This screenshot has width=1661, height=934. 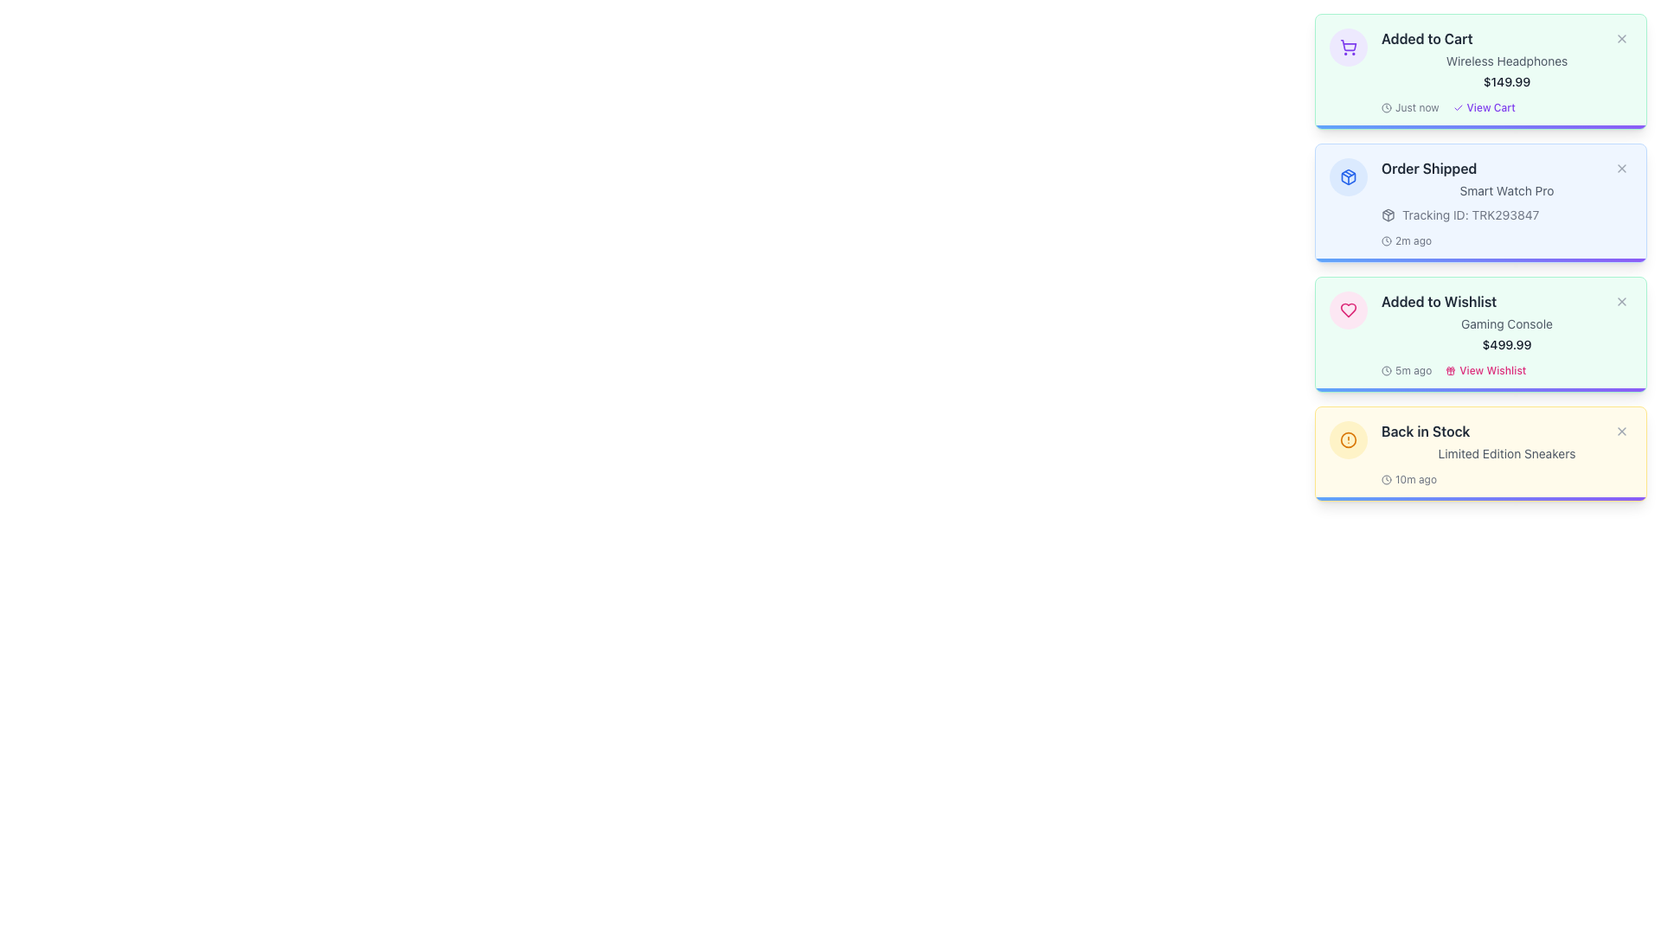 What do you see at coordinates (1429, 169) in the screenshot?
I see `the title or header text element in the second notification panel from the top, located at the top-left corner adjacent to an icon and a button` at bounding box center [1429, 169].